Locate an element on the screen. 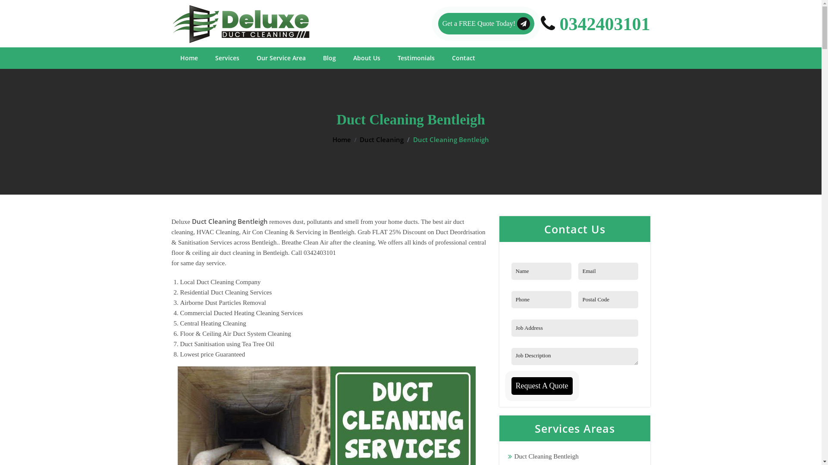  'Our Service Area' is located at coordinates (256, 58).